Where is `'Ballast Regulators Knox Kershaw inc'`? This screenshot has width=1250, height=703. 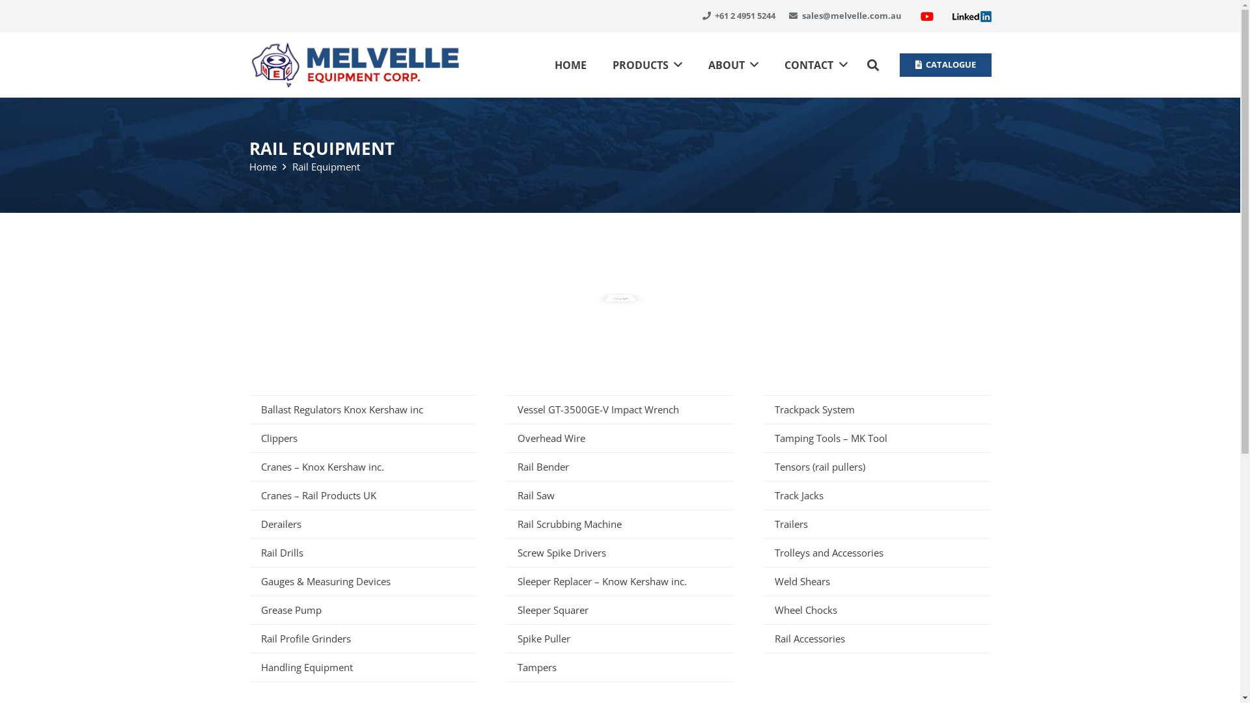
'Ballast Regulators Knox Kershaw inc' is located at coordinates (362, 408).